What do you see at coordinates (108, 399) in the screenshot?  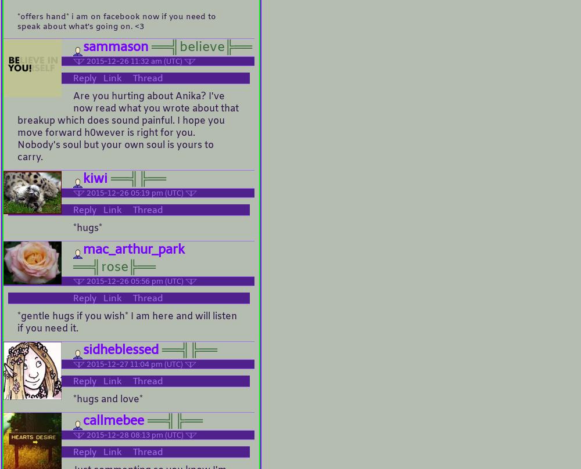 I see `'*hugs and love*'` at bounding box center [108, 399].